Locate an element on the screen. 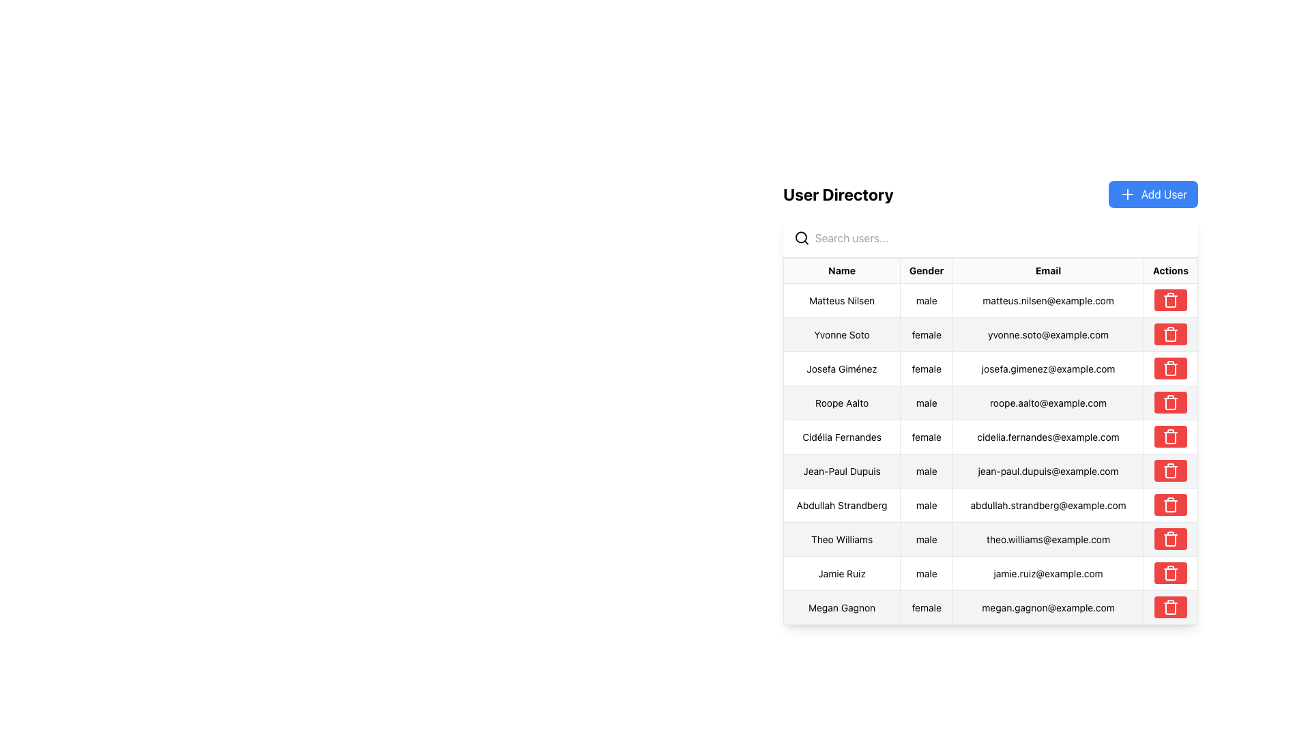 The image size is (1310, 737). the delete button in the 'Actions' column of the row for 'matteus.nilsen@example.com' is located at coordinates (1169, 299).